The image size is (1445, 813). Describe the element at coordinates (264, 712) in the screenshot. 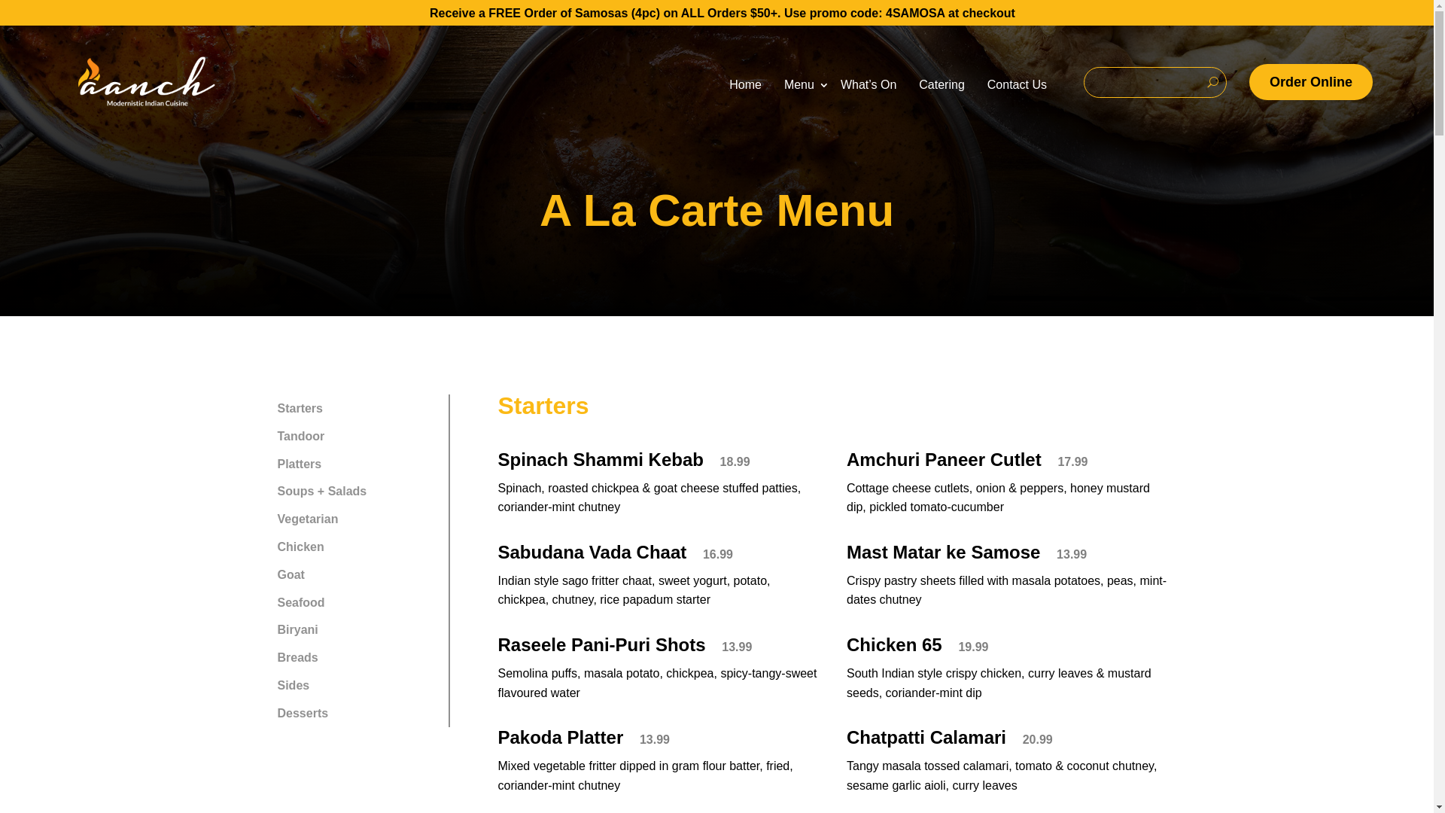

I see `'Desserts'` at that location.